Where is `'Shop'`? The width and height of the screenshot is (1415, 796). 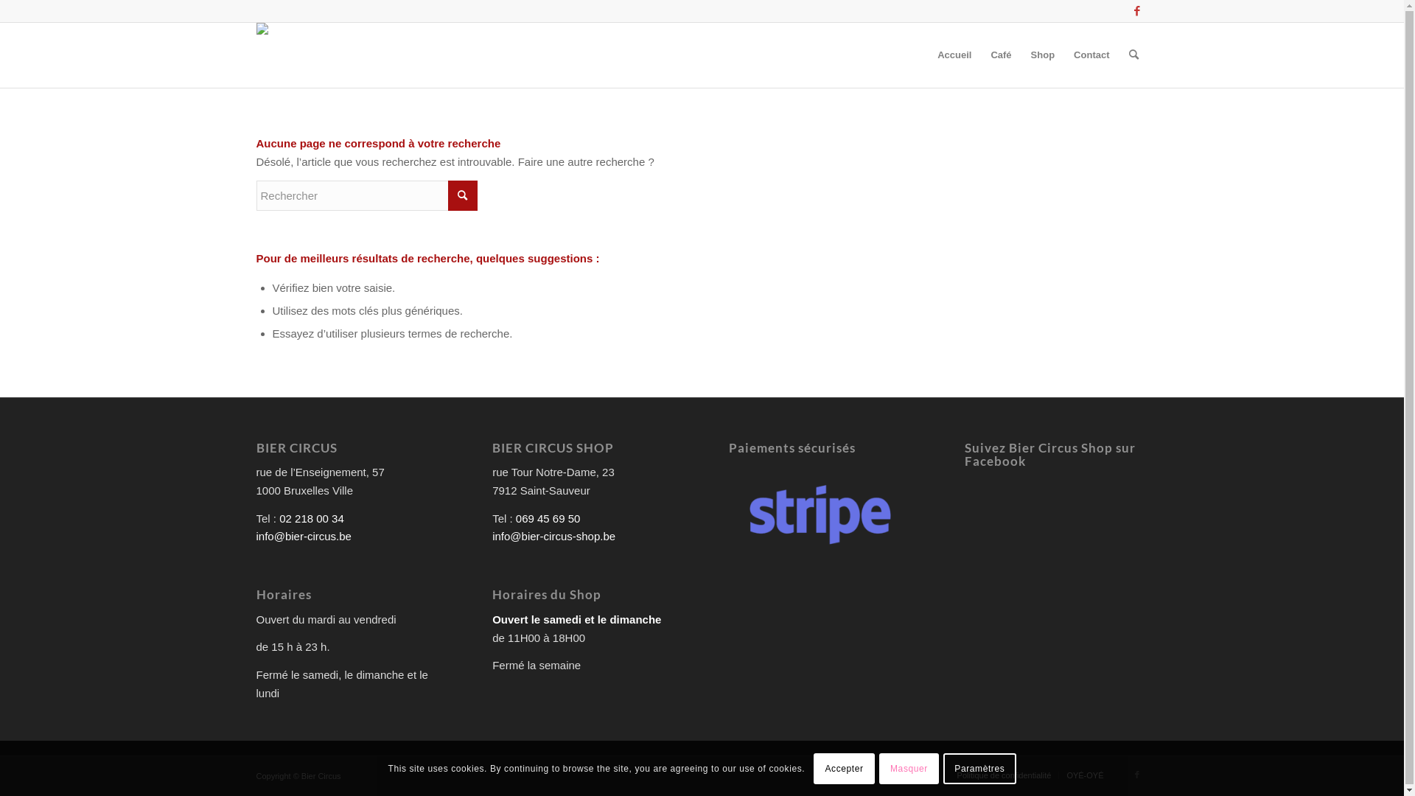 'Shop' is located at coordinates (1042, 54).